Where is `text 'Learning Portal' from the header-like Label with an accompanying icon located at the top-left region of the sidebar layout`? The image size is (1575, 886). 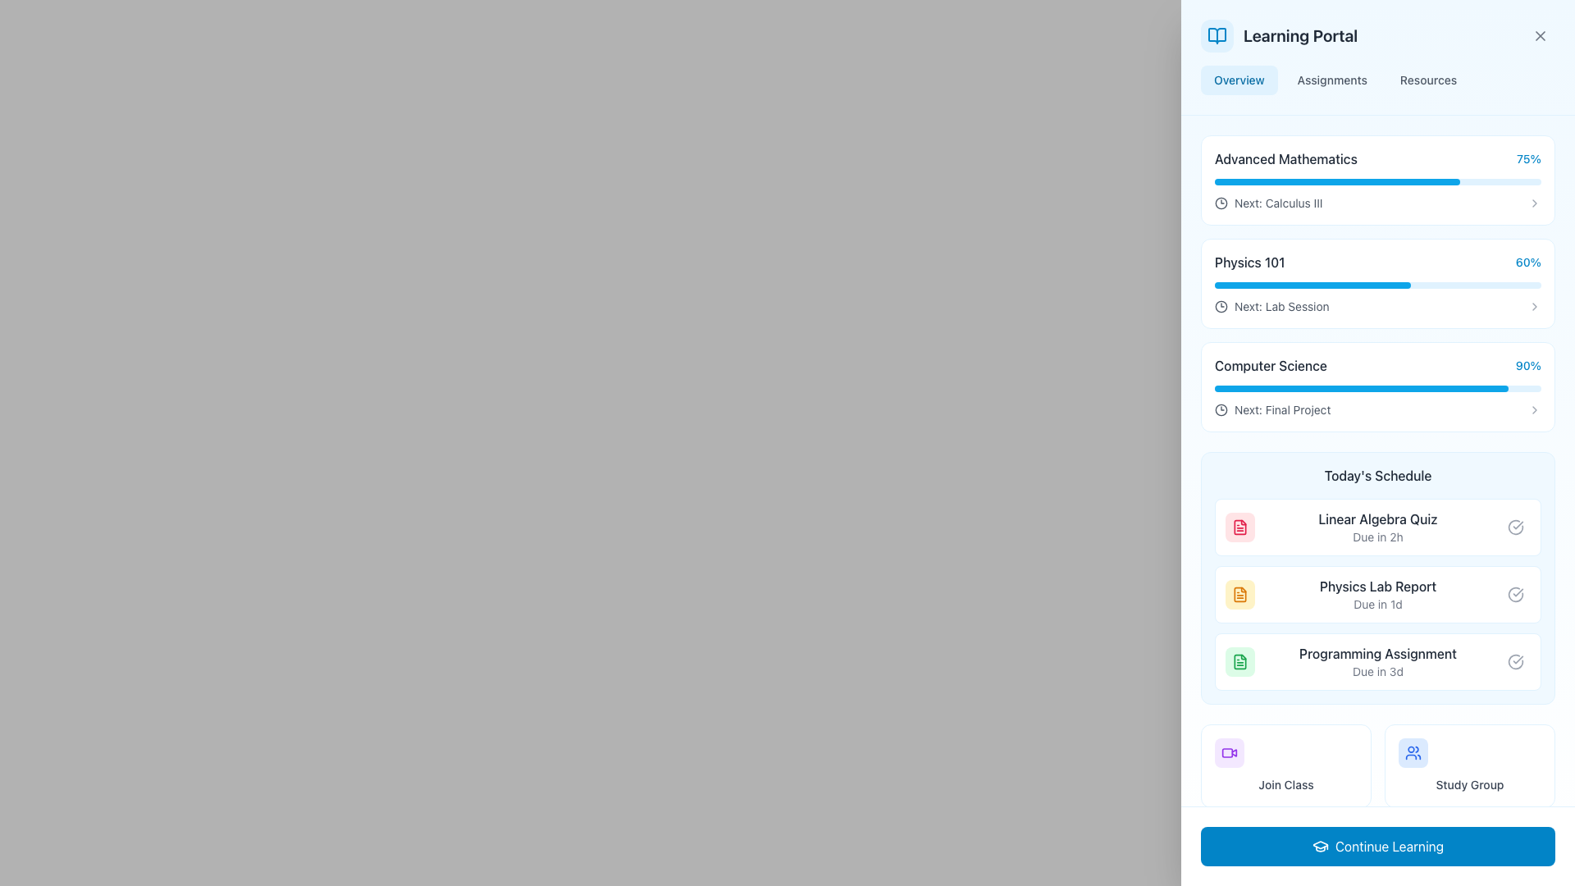 text 'Learning Portal' from the header-like Label with an accompanying icon located at the top-left region of the sidebar layout is located at coordinates (1278, 35).